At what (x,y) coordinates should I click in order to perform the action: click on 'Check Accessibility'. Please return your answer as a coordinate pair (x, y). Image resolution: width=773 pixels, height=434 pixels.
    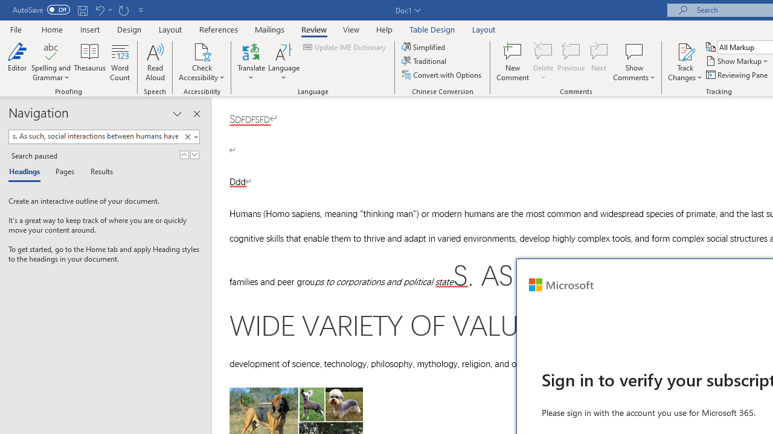
    Looking at the image, I should click on (202, 51).